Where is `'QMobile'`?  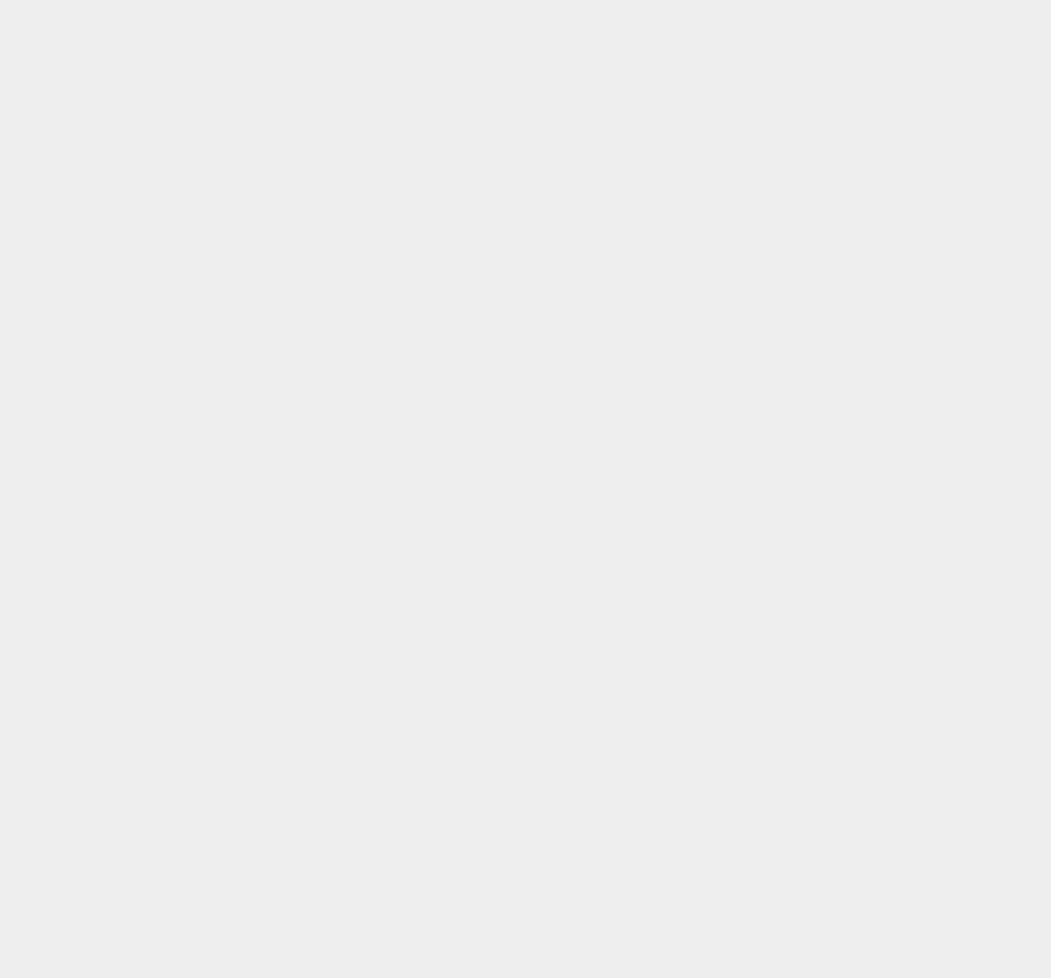
'QMobile' is located at coordinates (765, 705).